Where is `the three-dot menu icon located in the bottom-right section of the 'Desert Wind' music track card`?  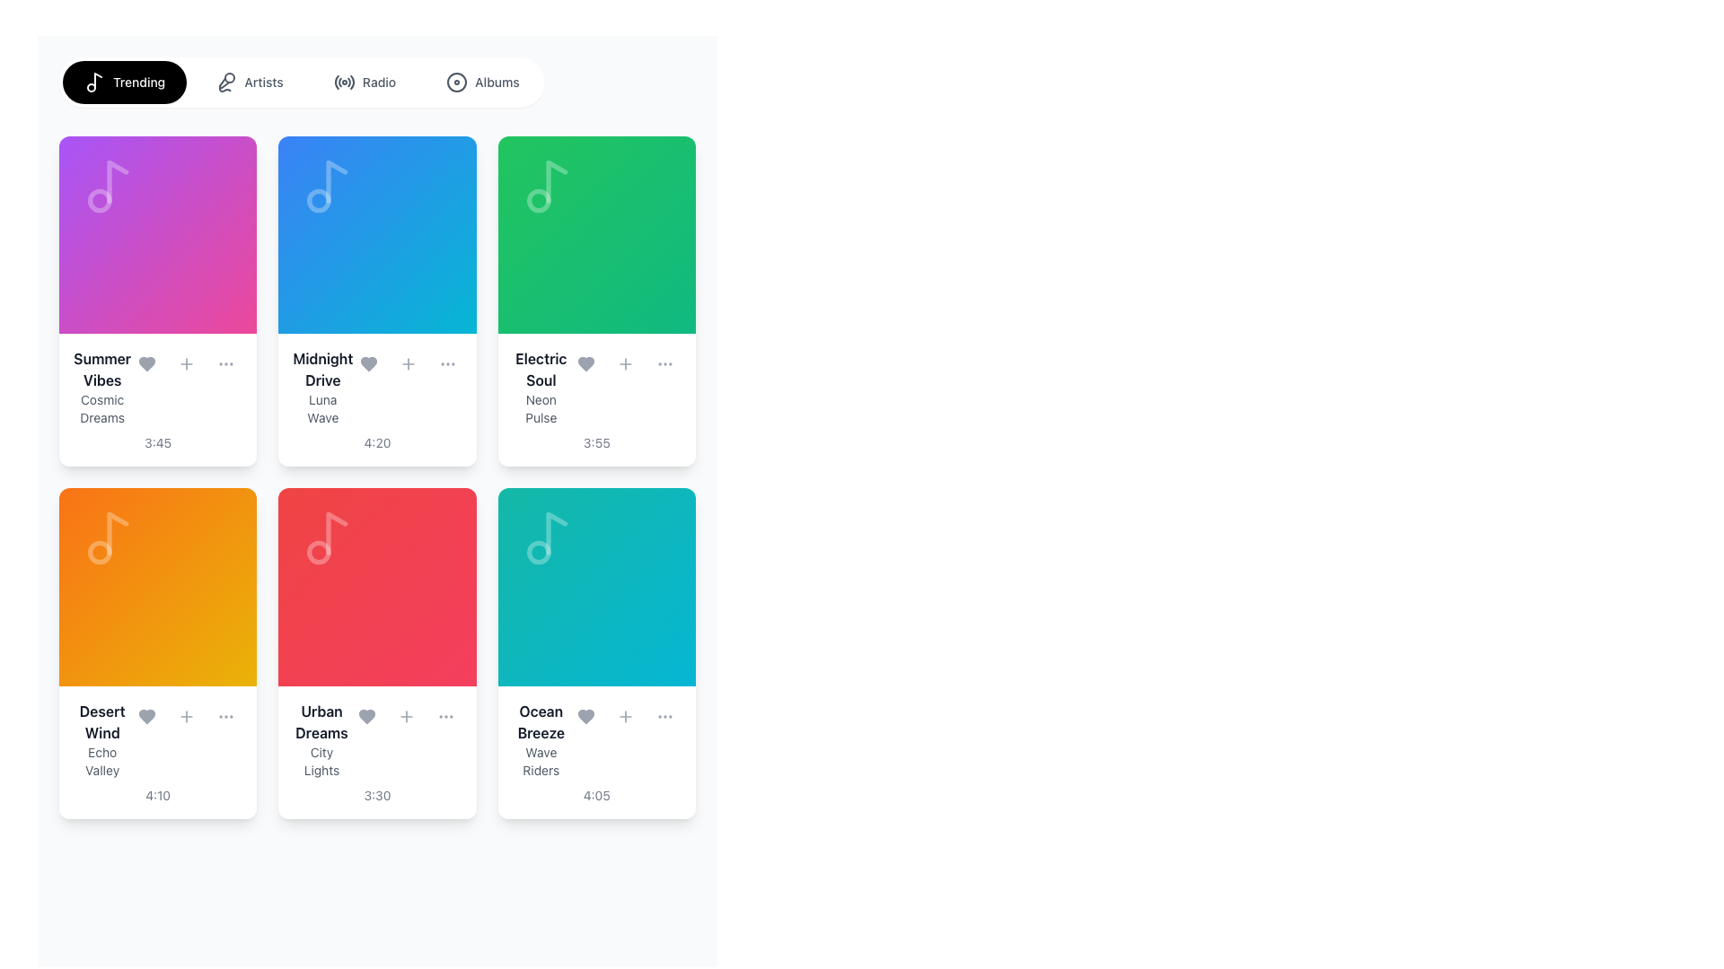
the three-dot menu icon located in the bottom-right section of the 'Desert Wind' music track card is located at coordinates (225, 715).